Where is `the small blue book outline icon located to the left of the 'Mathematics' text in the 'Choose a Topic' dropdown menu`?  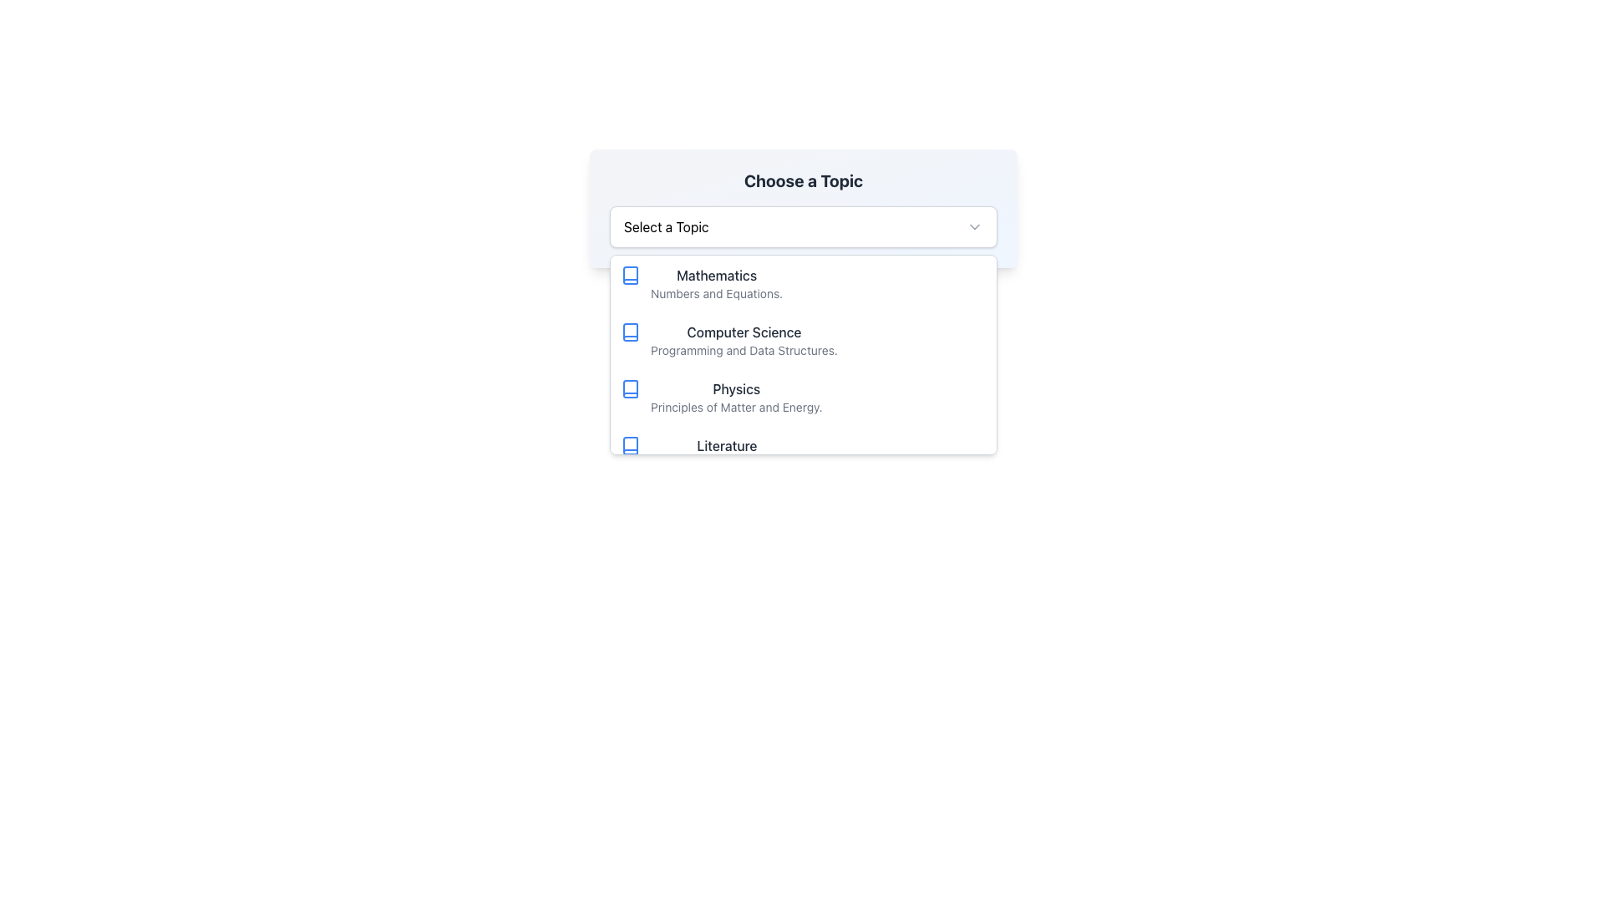
the small blue book outline icon located to the left of the 'Mathematics' text in the 'Choose a Topic' dropdown menu is located at coordinates (629, 275).